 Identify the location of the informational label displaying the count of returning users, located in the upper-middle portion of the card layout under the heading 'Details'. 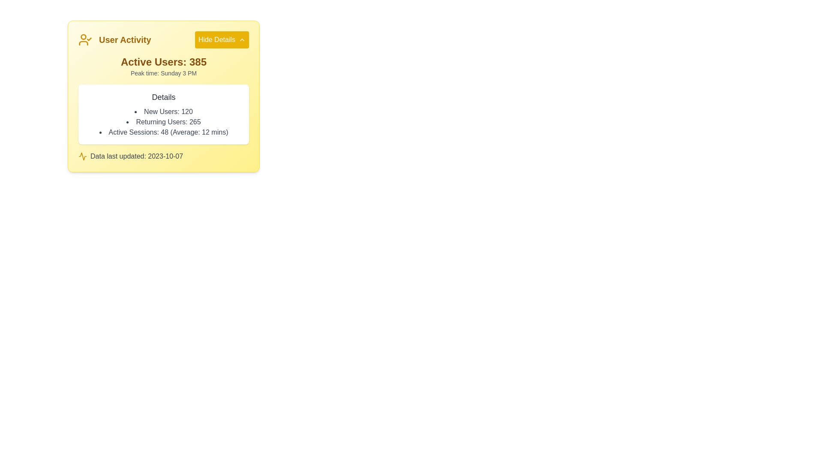
(164, 122).